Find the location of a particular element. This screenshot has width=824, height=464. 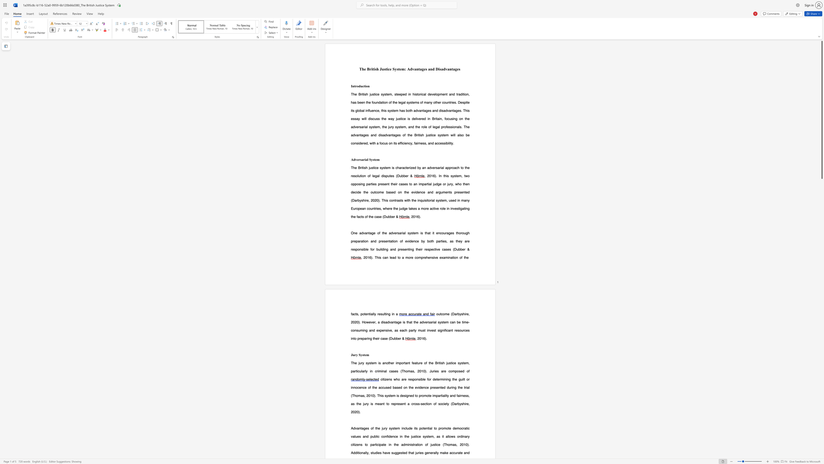

the 11th character "n" in the text is located at coordinates (368, 338).